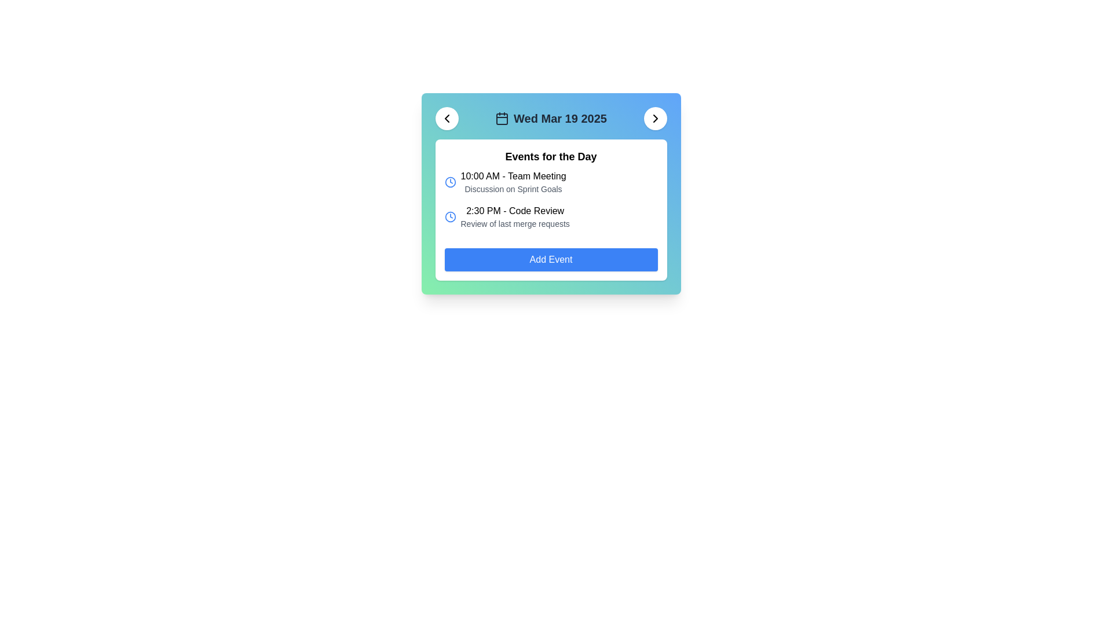 This screenshot has height=625, width=1112. What do you see at coordinates (449, 182) in the screenshot?
I see `the clock icon, which has a blue circular outline and is positioned to the left of the text '10:00 AM - Team Meeting Discussion on Sprint Goals'` at bounding box center [449, 182].